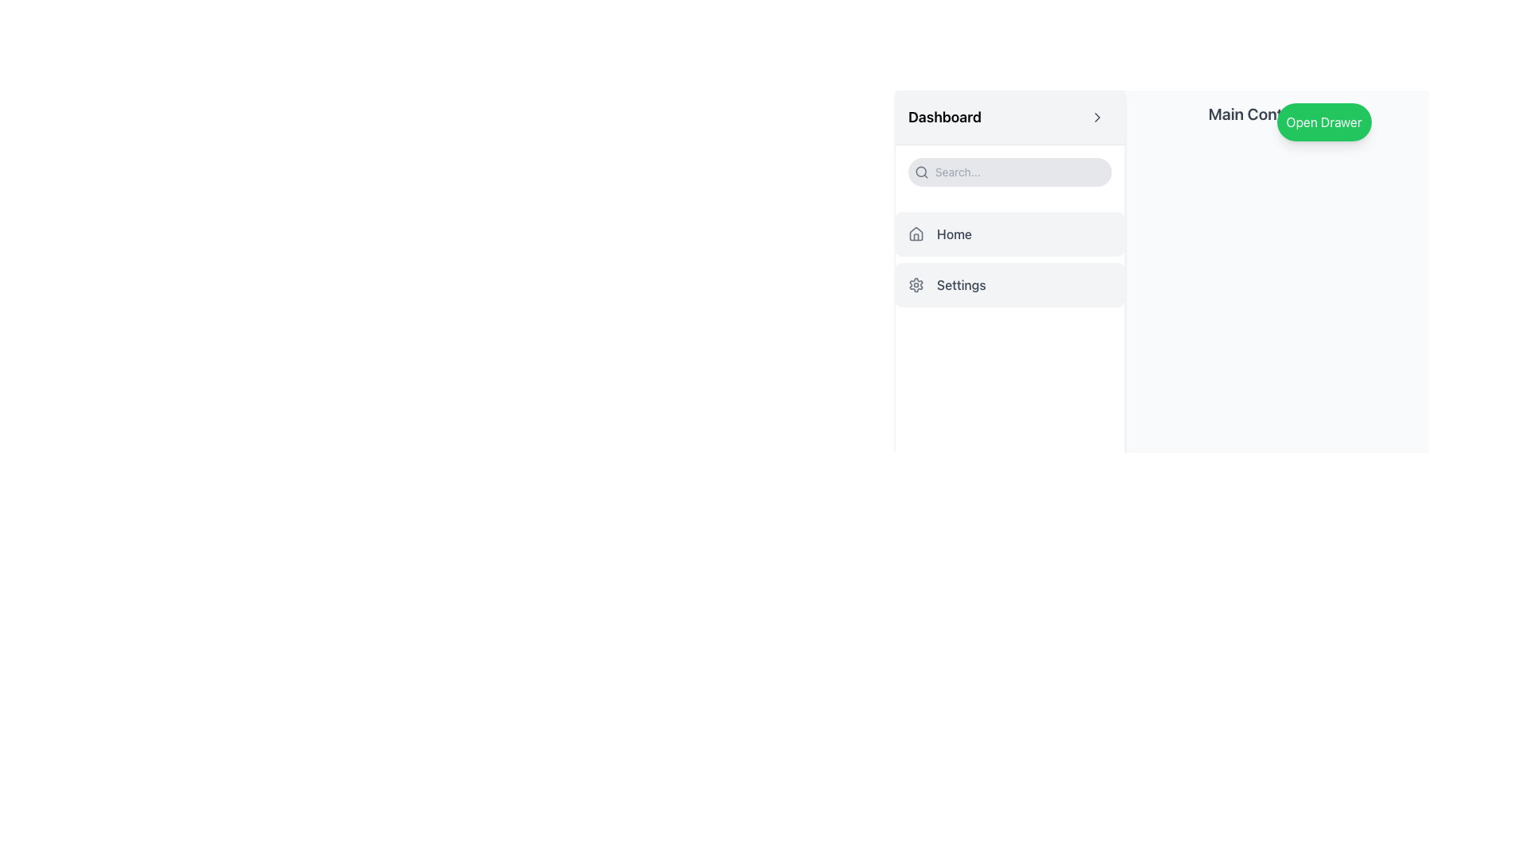 Image resolution: width=1526 pixels, height=858 pixels. Describe the element at coordinates (945, 116) in the screenshot. I see `the 'Dashboard' text label which is bold and larger font, located at the top left of the navigation panel, preceding a right-pointing arrow icon` at that location.